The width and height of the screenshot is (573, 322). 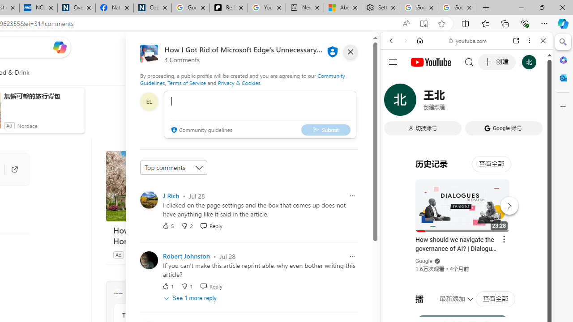 I want to click on 'WEB  ', so click(x=394, y=102).